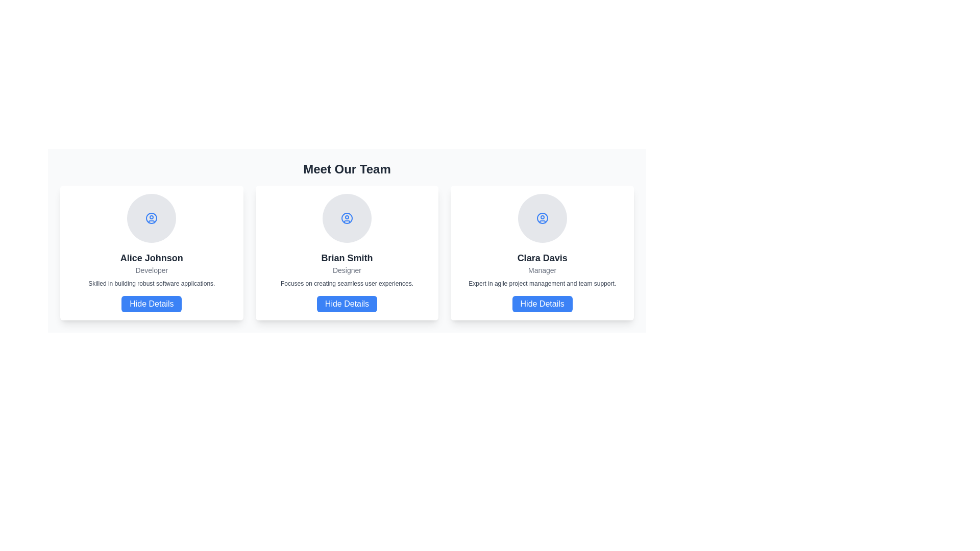 This screenshot has width=980, height=551. What do you see at coordinates (151, 304) in the screenshot?
I see `the 'Hide Details' button with a blue background and white text, located at the bottom of the card for Alice Johnson, to hide additional details` at bounding box center [151, 304].